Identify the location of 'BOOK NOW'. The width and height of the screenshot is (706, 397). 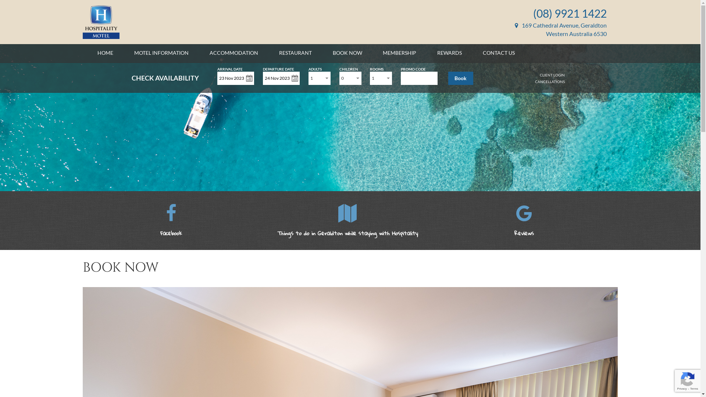
(332, 52).